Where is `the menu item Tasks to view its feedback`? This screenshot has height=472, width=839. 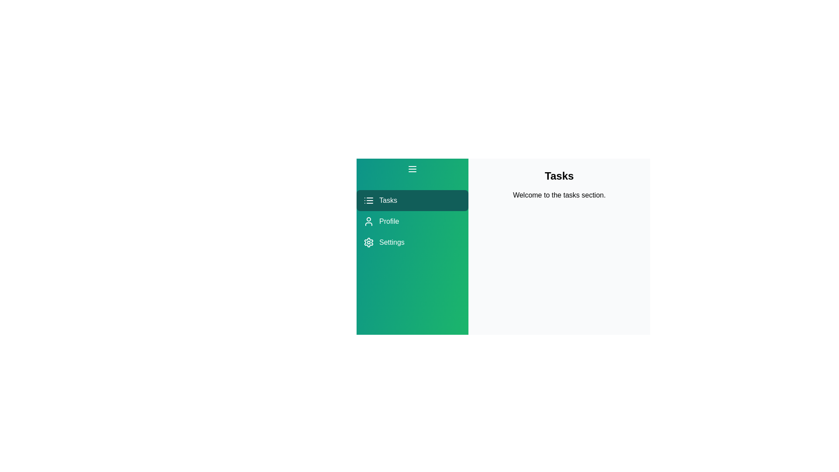
the menu item Tasks to view its feedback is located at coordinates (412, 201).